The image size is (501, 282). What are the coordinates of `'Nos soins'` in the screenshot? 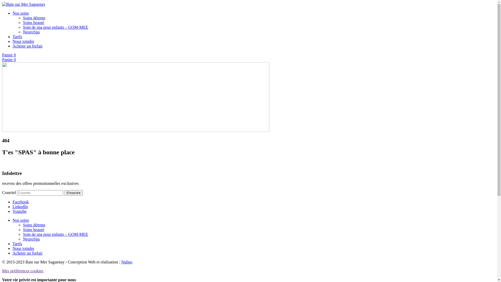 It's located at (21, 220).